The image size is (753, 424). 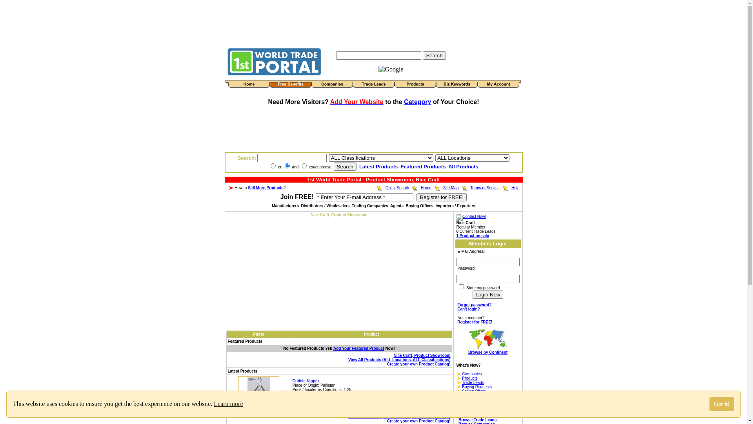 I want to click on 'Manufacturers', so click(x=285, y=205).